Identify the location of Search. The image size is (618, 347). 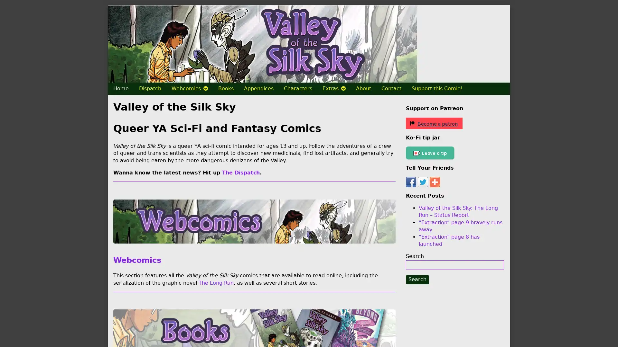
(417, 279).